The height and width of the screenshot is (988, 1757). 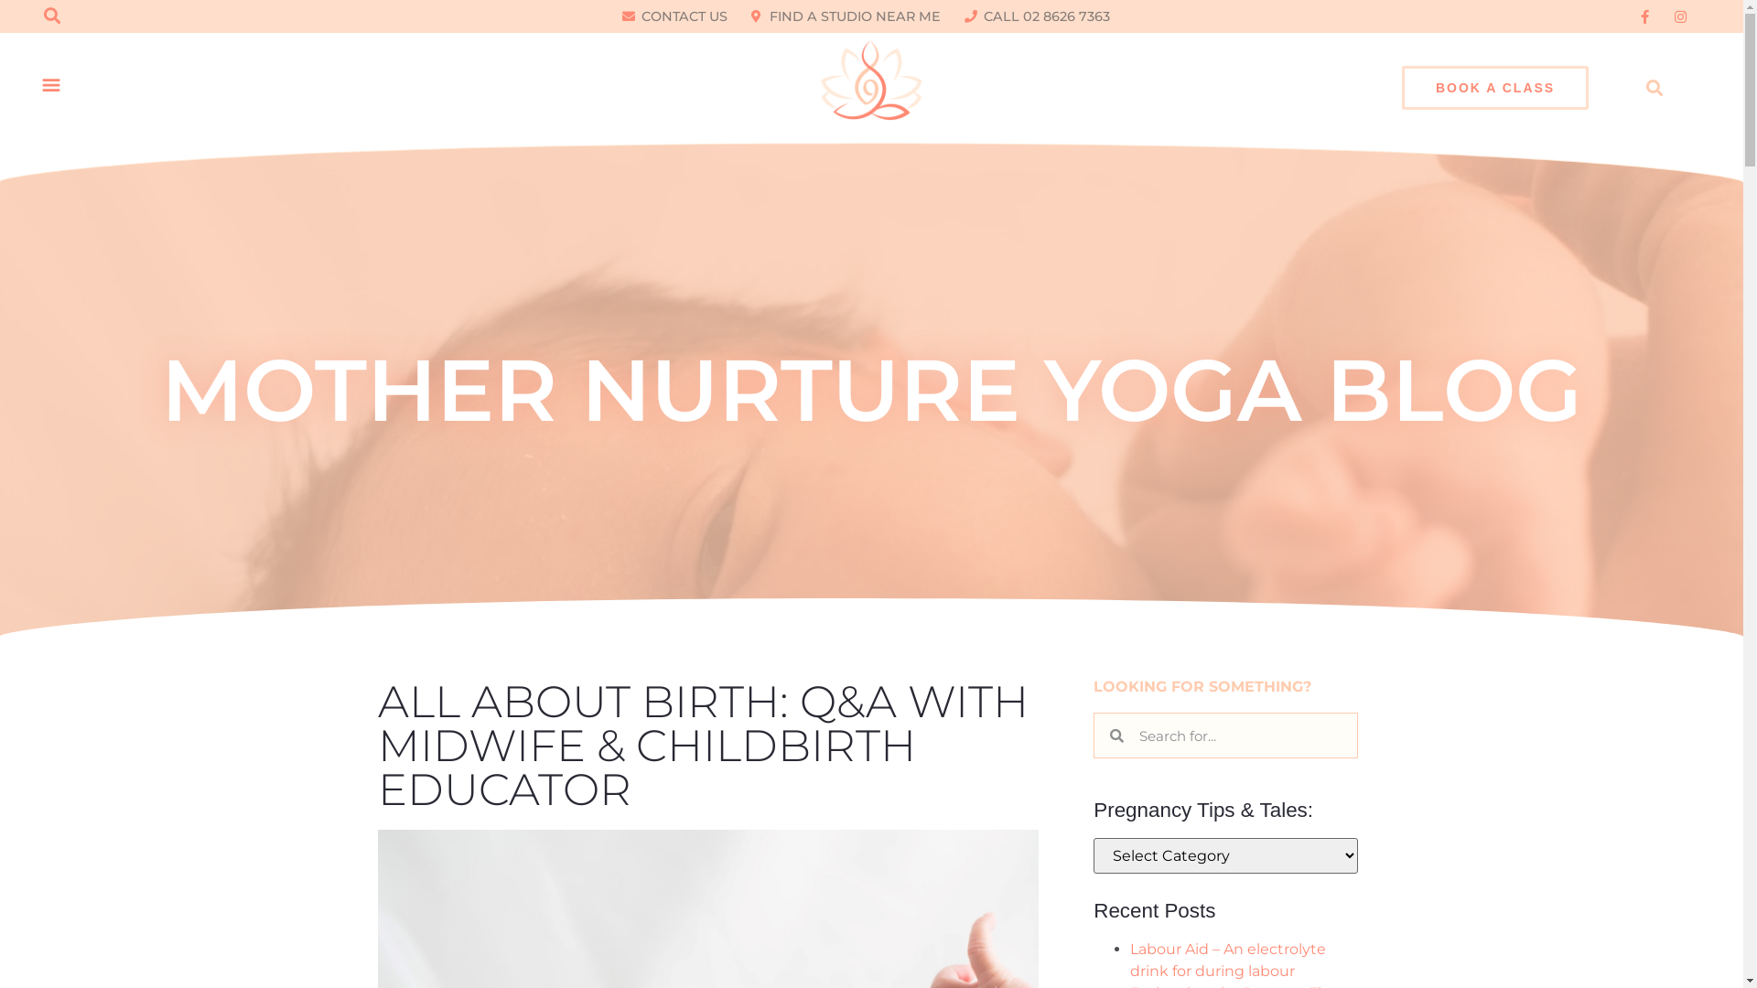 I want to click on 'CALL 02 8626 7363', so click(x=1037, y=16).